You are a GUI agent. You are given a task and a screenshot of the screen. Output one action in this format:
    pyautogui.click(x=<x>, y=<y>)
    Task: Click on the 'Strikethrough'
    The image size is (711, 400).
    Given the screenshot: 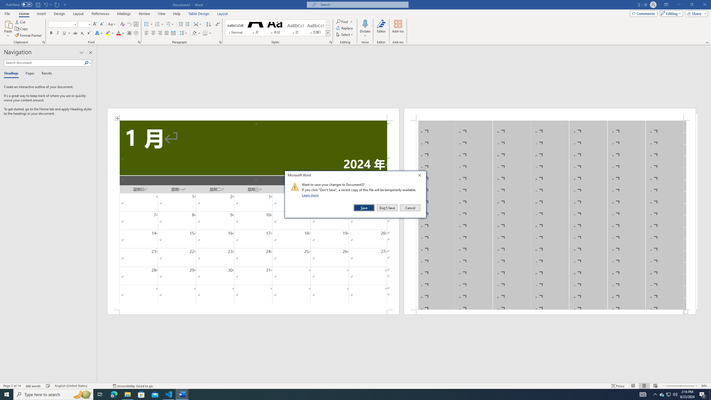 What is the action you would take?
    pyautogui.click(x=75, y=33)
    